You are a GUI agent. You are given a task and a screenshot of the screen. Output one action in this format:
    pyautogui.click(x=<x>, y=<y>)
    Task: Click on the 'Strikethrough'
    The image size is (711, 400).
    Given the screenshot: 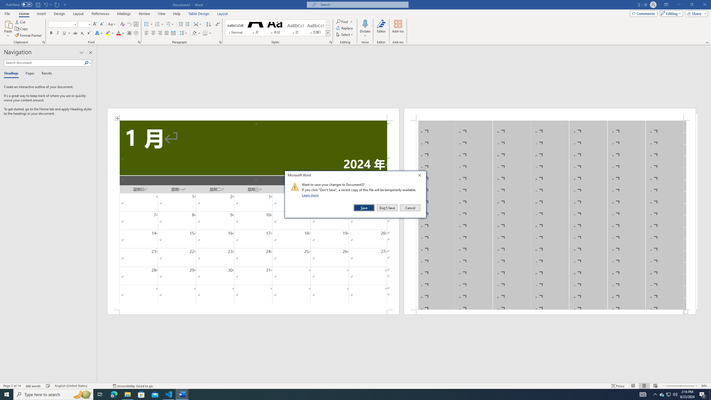 What is the action you would take?
    pyautogui.click(x=75, y=33)
    